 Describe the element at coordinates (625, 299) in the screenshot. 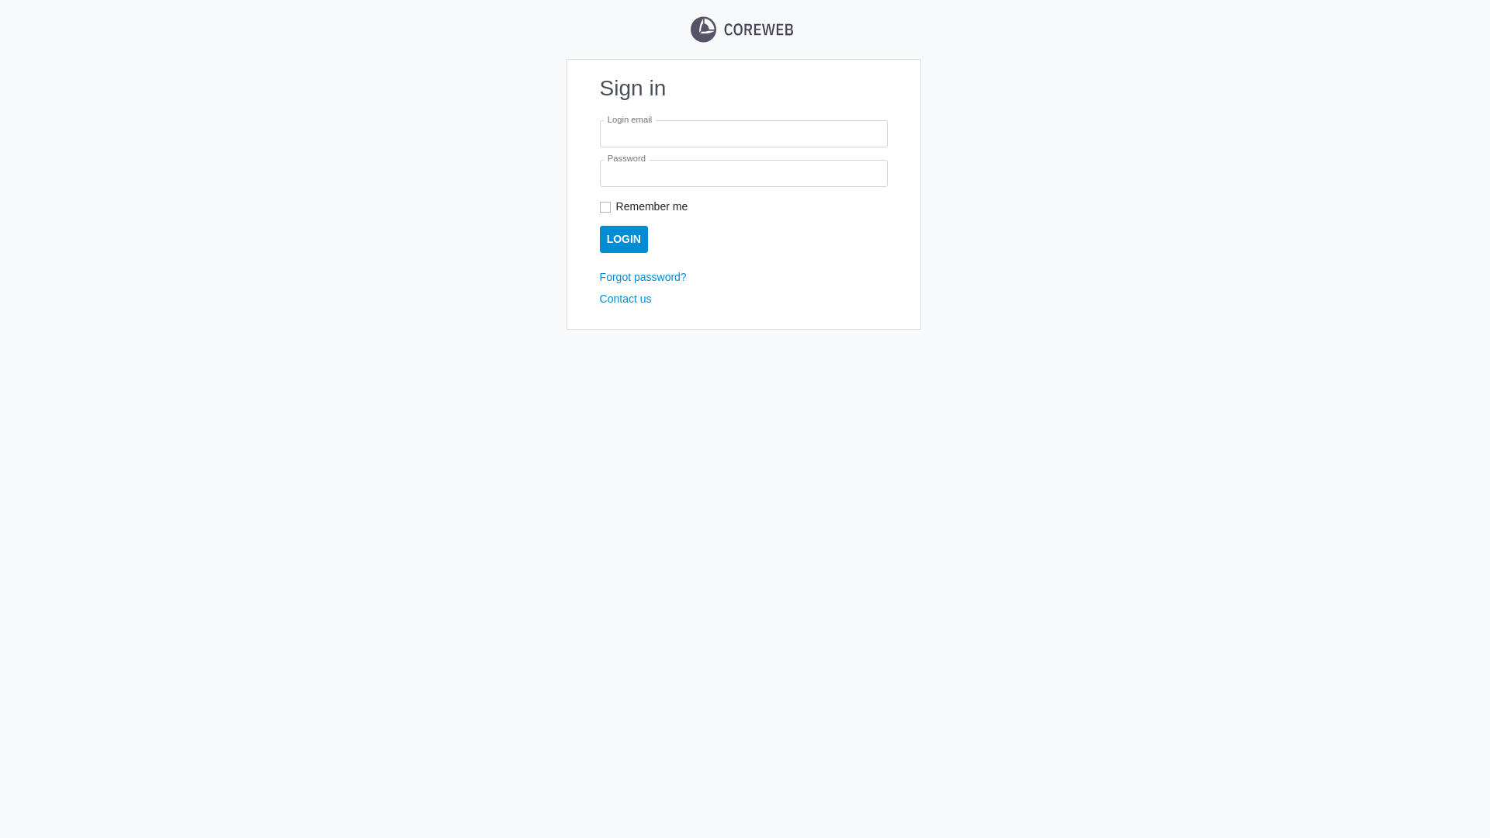

I see `'Contact us'` at that location.